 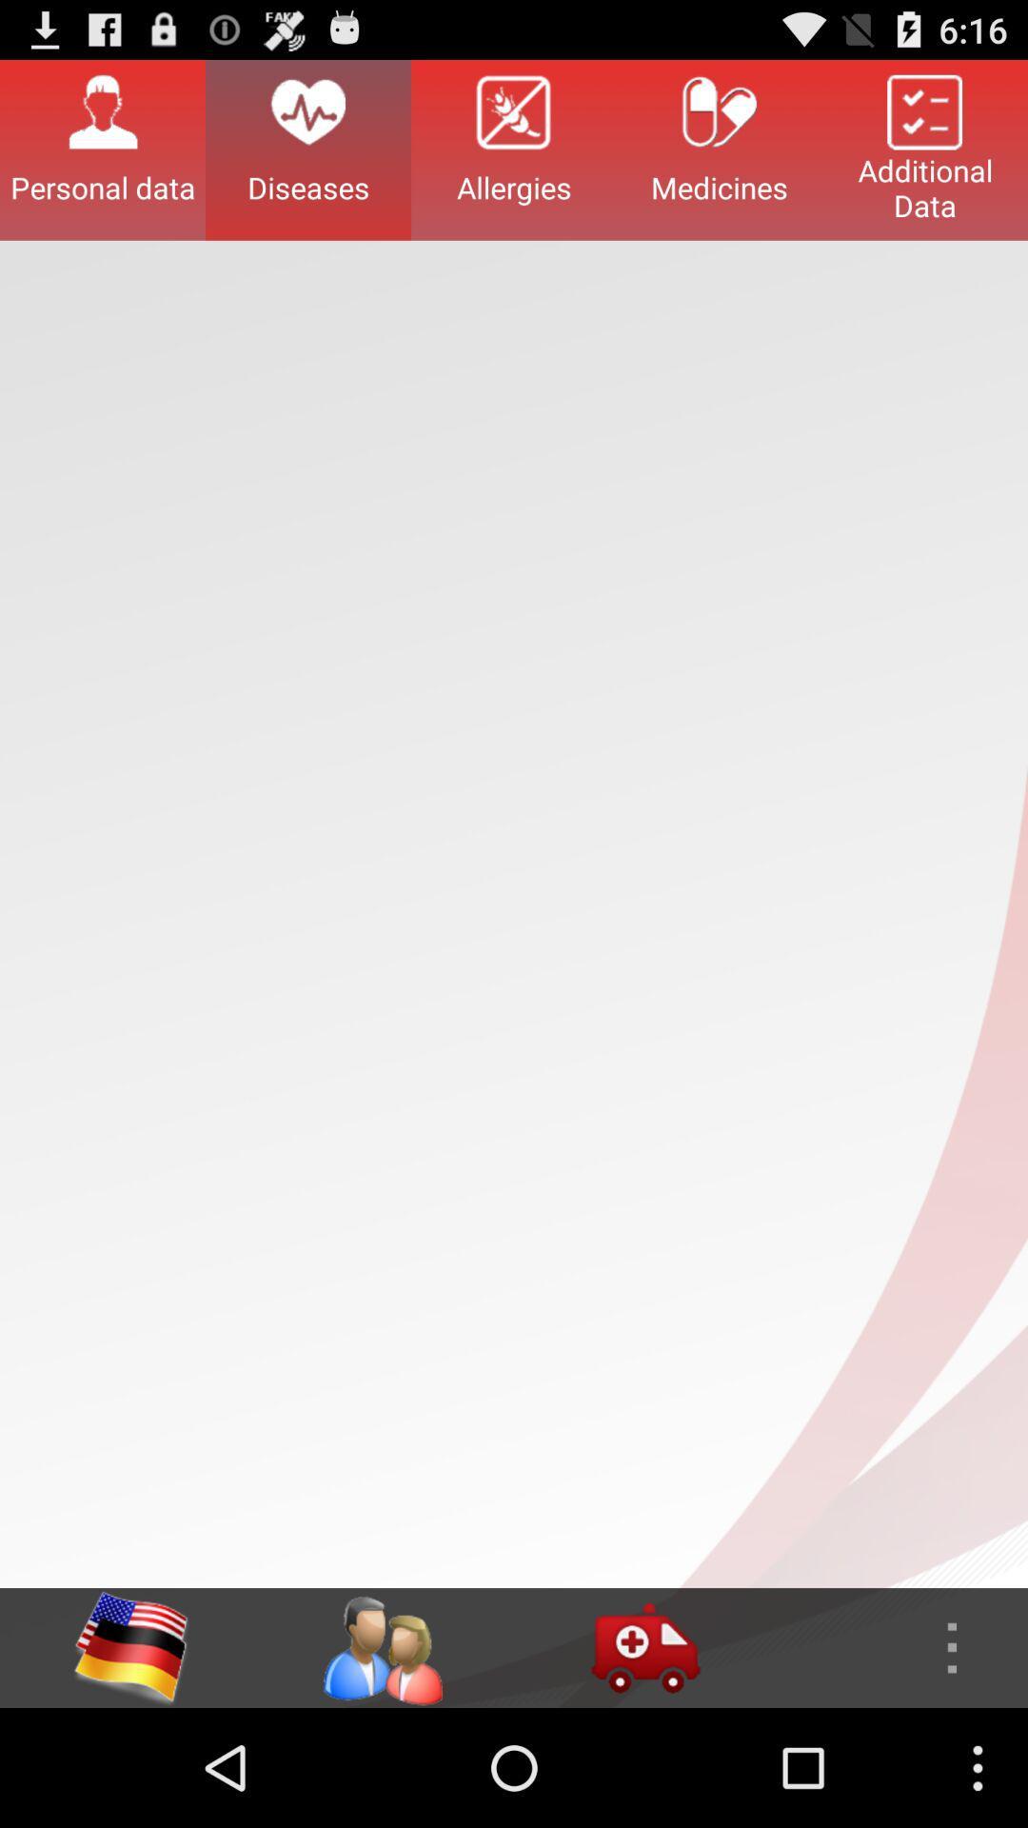 What do you see at coordinates (382, 1647) in the screenshot?
I see `genders` at bounding box center [382, 1647].